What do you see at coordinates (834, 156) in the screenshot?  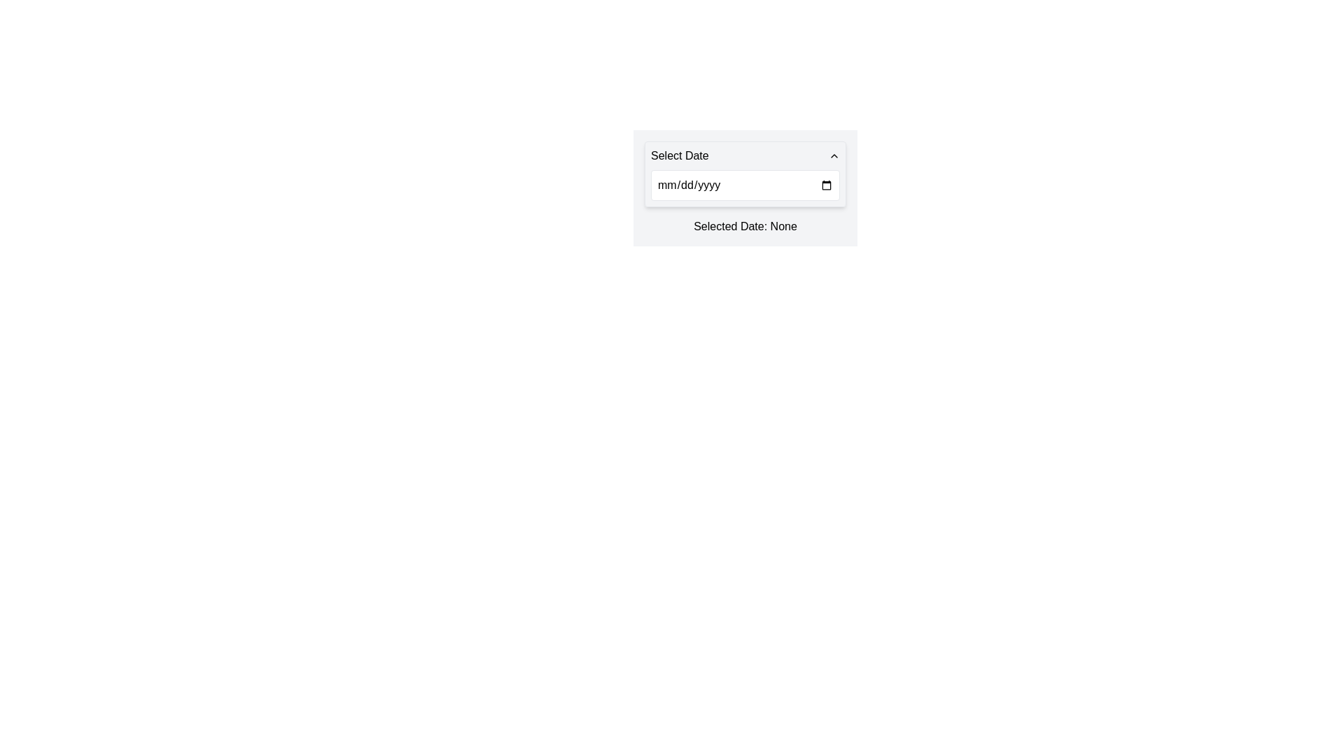 I see `the chevron-shaped icon resembling an upward arrow, which is located at the far-right side of the 'Select Date' label` at bounding box center [834, 156].